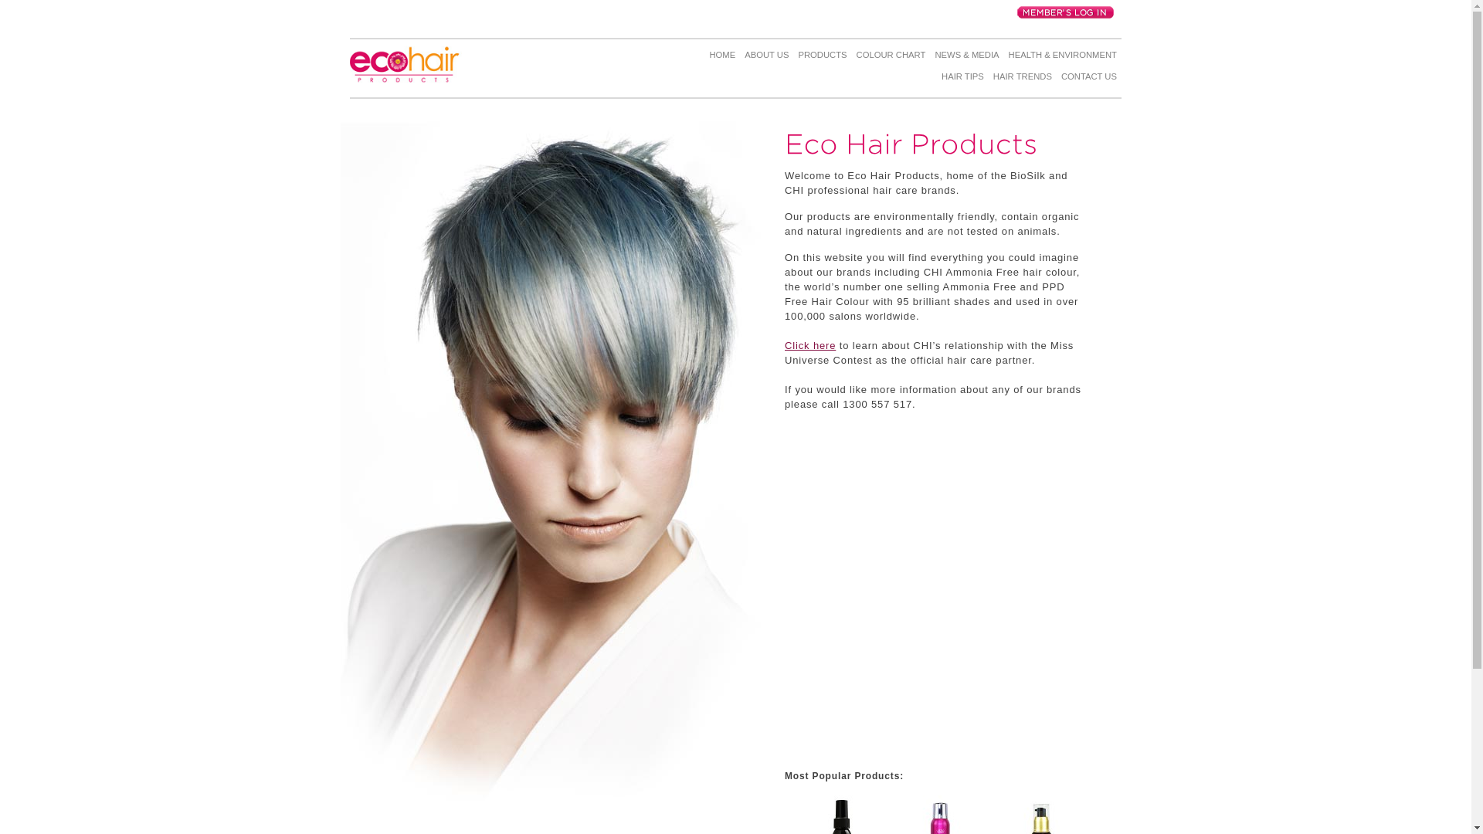 The height and width of the screenshot is (834, 1483). What do you see at coordinates (891, 56) in the screenshot?
I see `'COLOUR CHART'` at bounding box center [891, 56].